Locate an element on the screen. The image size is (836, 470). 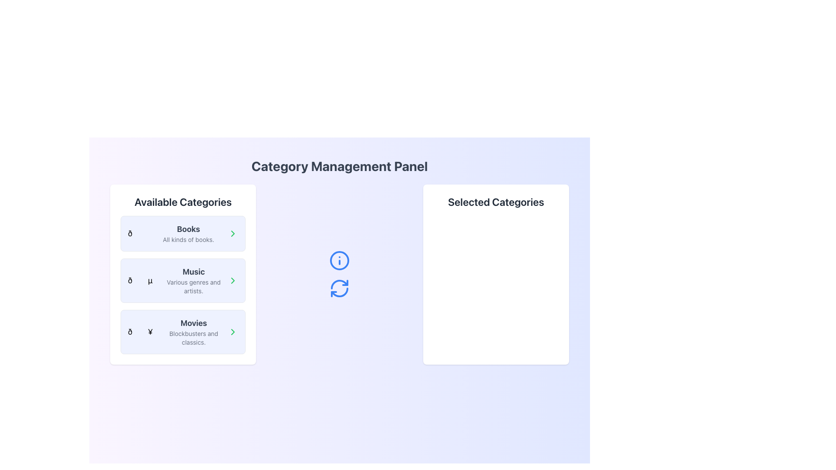
the 'Movies' category list item, which is the third item in the vertically stacked list under 'Available Categories' on the left side of the interface is located at coordinates (182, 332).